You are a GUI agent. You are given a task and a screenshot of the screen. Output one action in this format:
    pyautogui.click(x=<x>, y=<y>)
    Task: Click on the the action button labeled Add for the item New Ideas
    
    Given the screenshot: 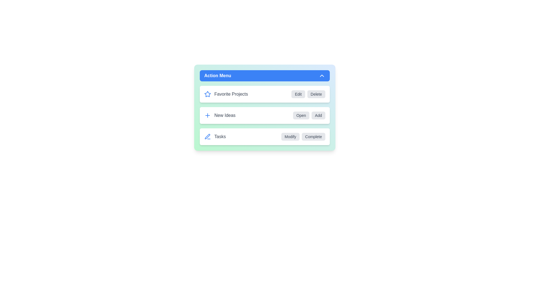 What is the action you would take?
    pyautogui.click(x=318, y=115)
    